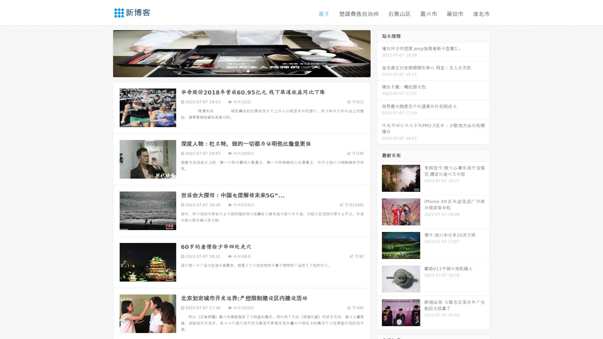 The image size is (603, 339). I want to click on Next slide, so click(379, 53).